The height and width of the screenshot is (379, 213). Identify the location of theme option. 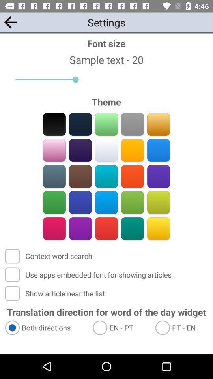
(106, 150).